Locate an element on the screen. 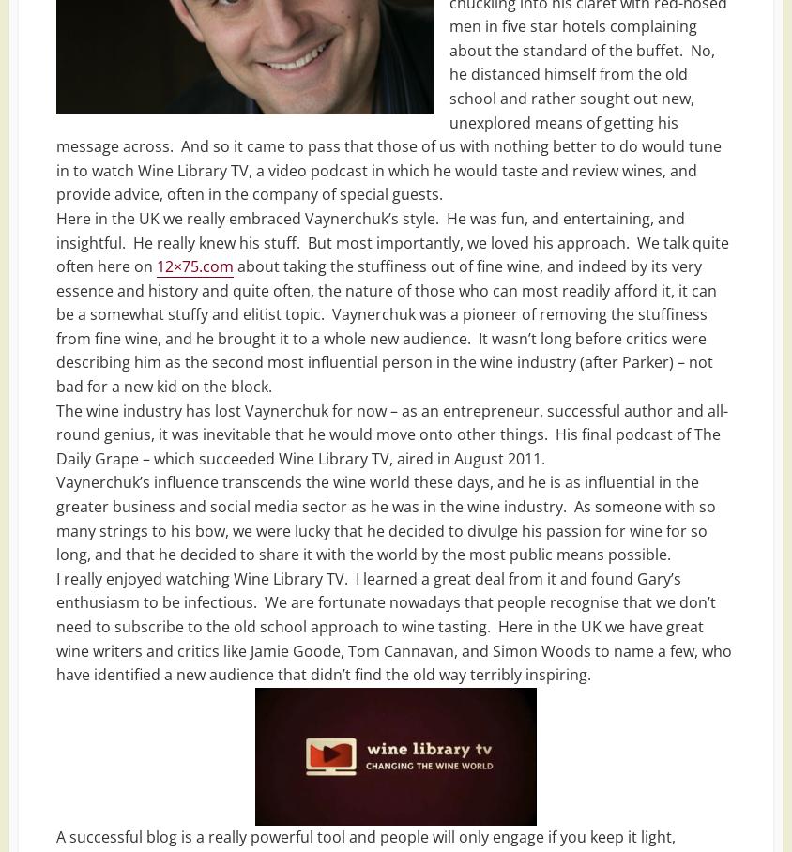  '5 Best Toffee Vodka Brands | UK Reviews & Guide | 2022' is located at coordinates (318, 305).